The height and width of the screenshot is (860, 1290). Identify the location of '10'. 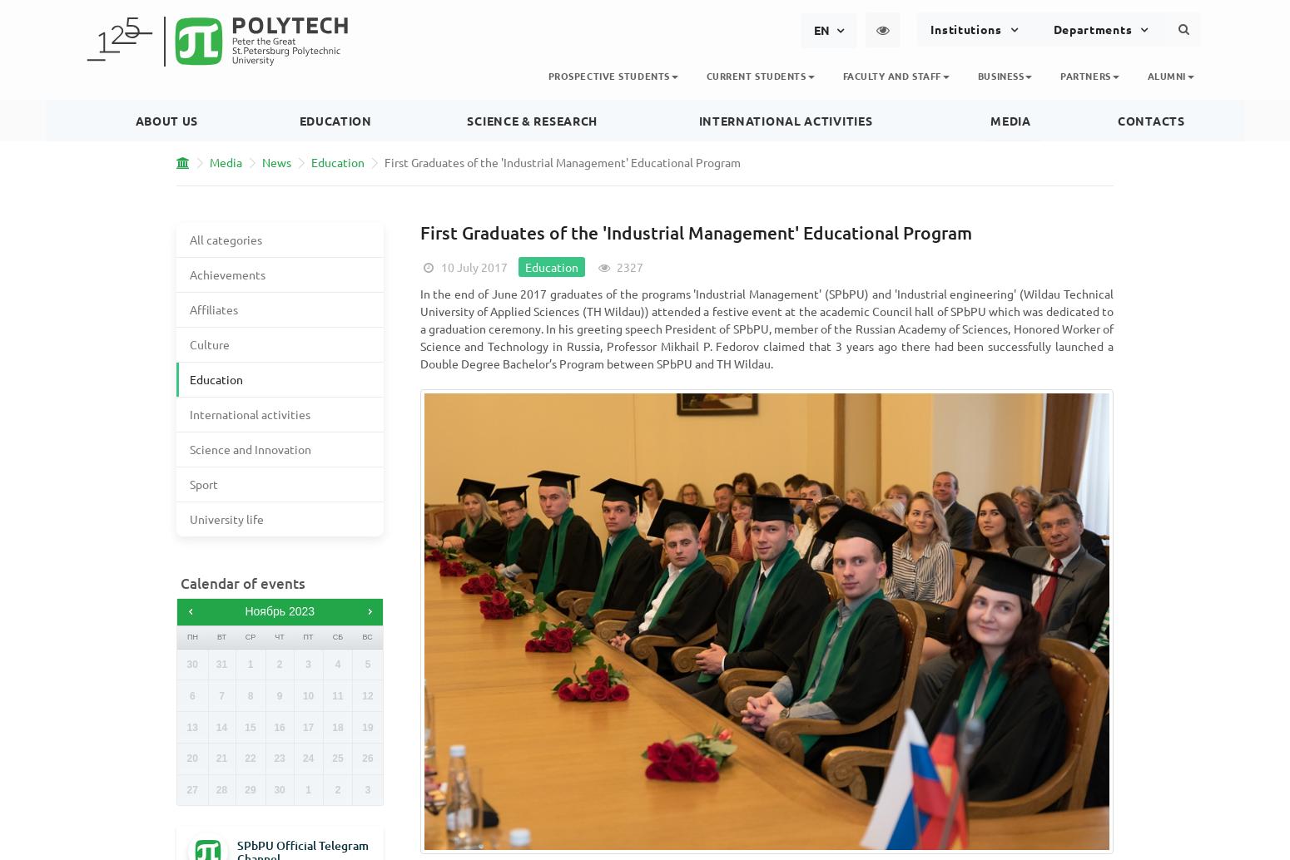
(306, 695).